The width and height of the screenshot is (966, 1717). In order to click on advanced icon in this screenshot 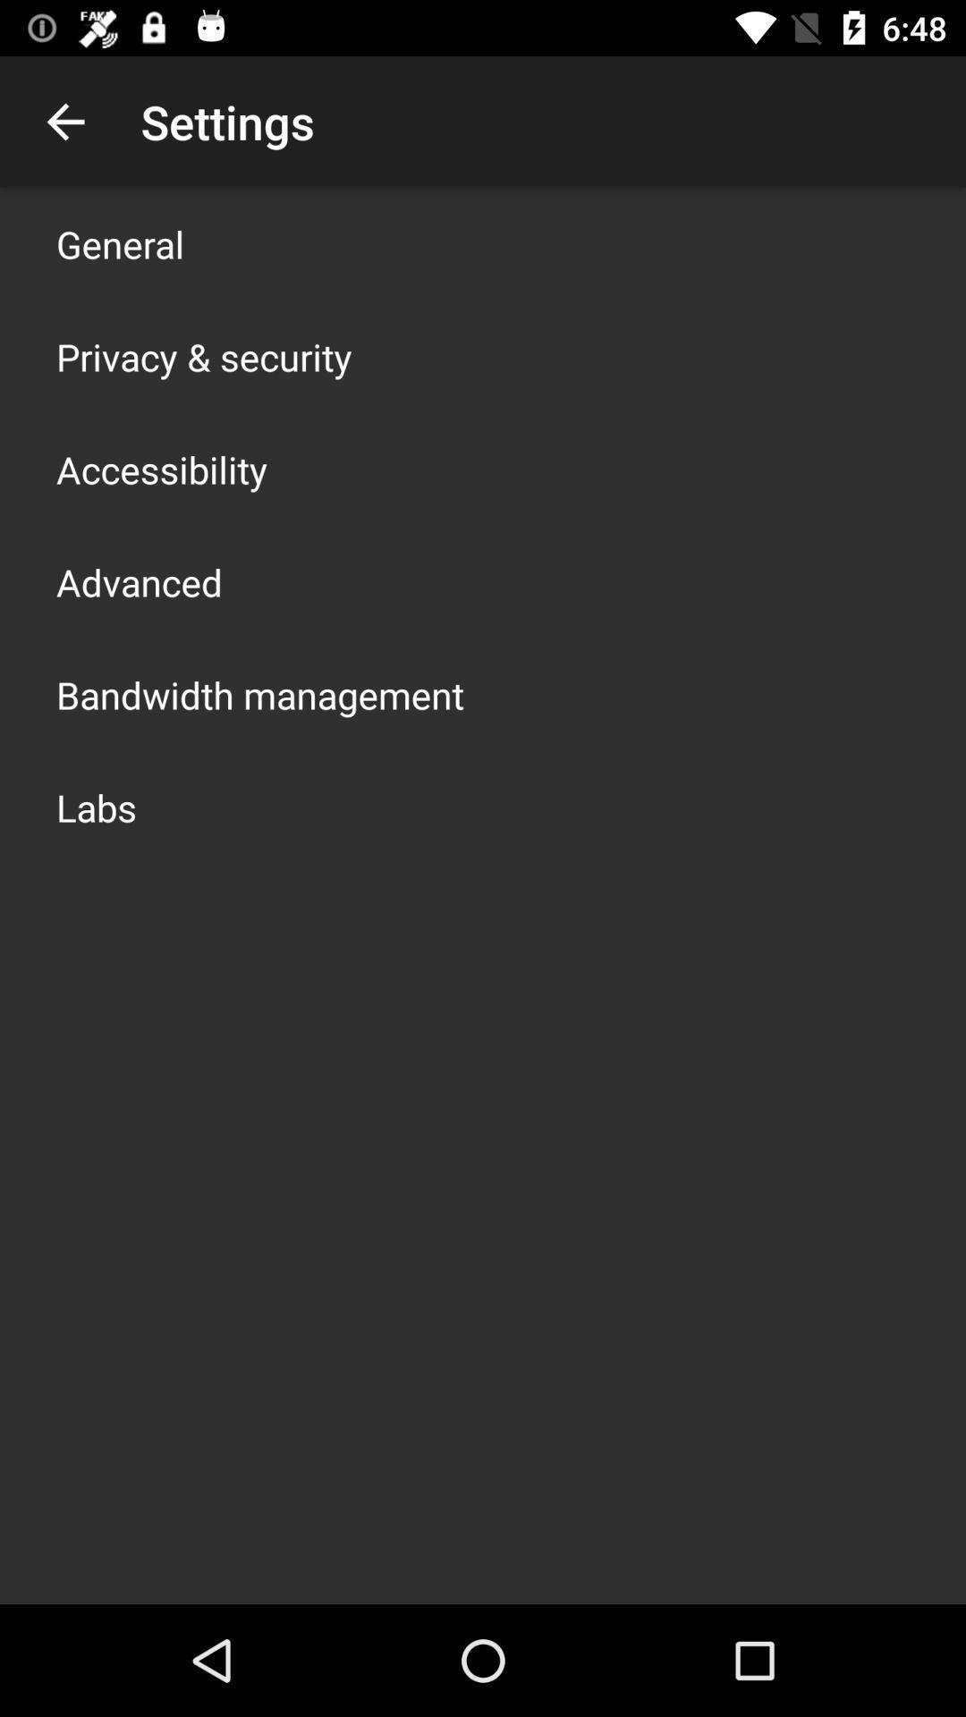, I will do `click(138, 582)`.